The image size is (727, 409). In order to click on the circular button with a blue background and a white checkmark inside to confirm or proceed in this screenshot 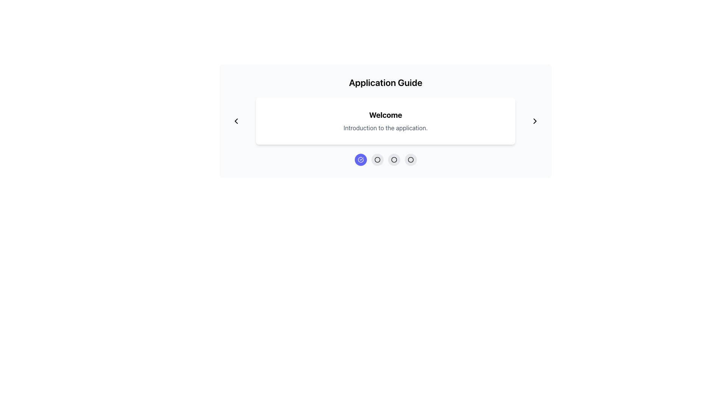, I will do `click(360, 159)`.